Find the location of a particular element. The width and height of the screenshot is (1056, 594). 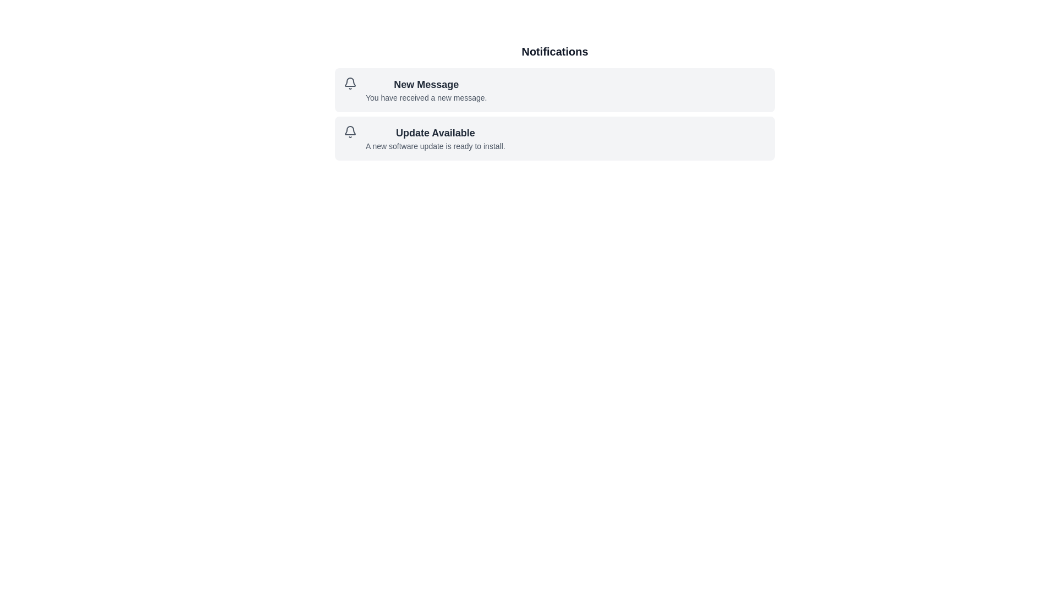

the first notification message text display is located at coordinates (426, 90).